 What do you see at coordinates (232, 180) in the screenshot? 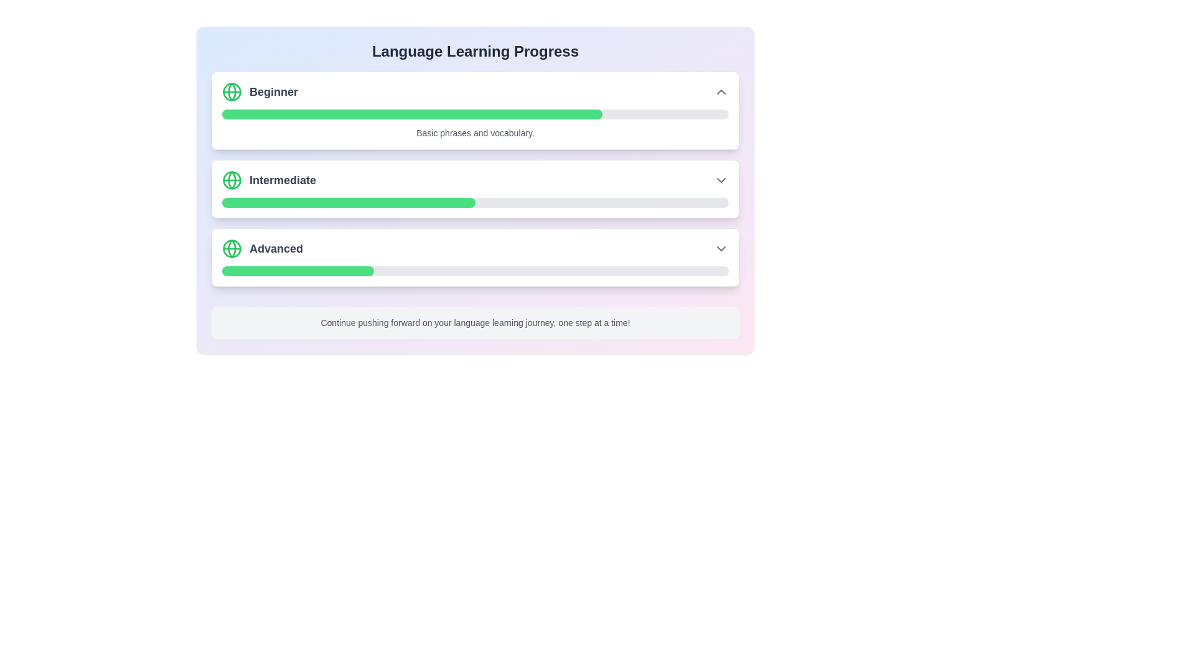
I see `the globe icon representing the 'Intermediate' section in the language learning progress interface` at bounding box center [232, 180].